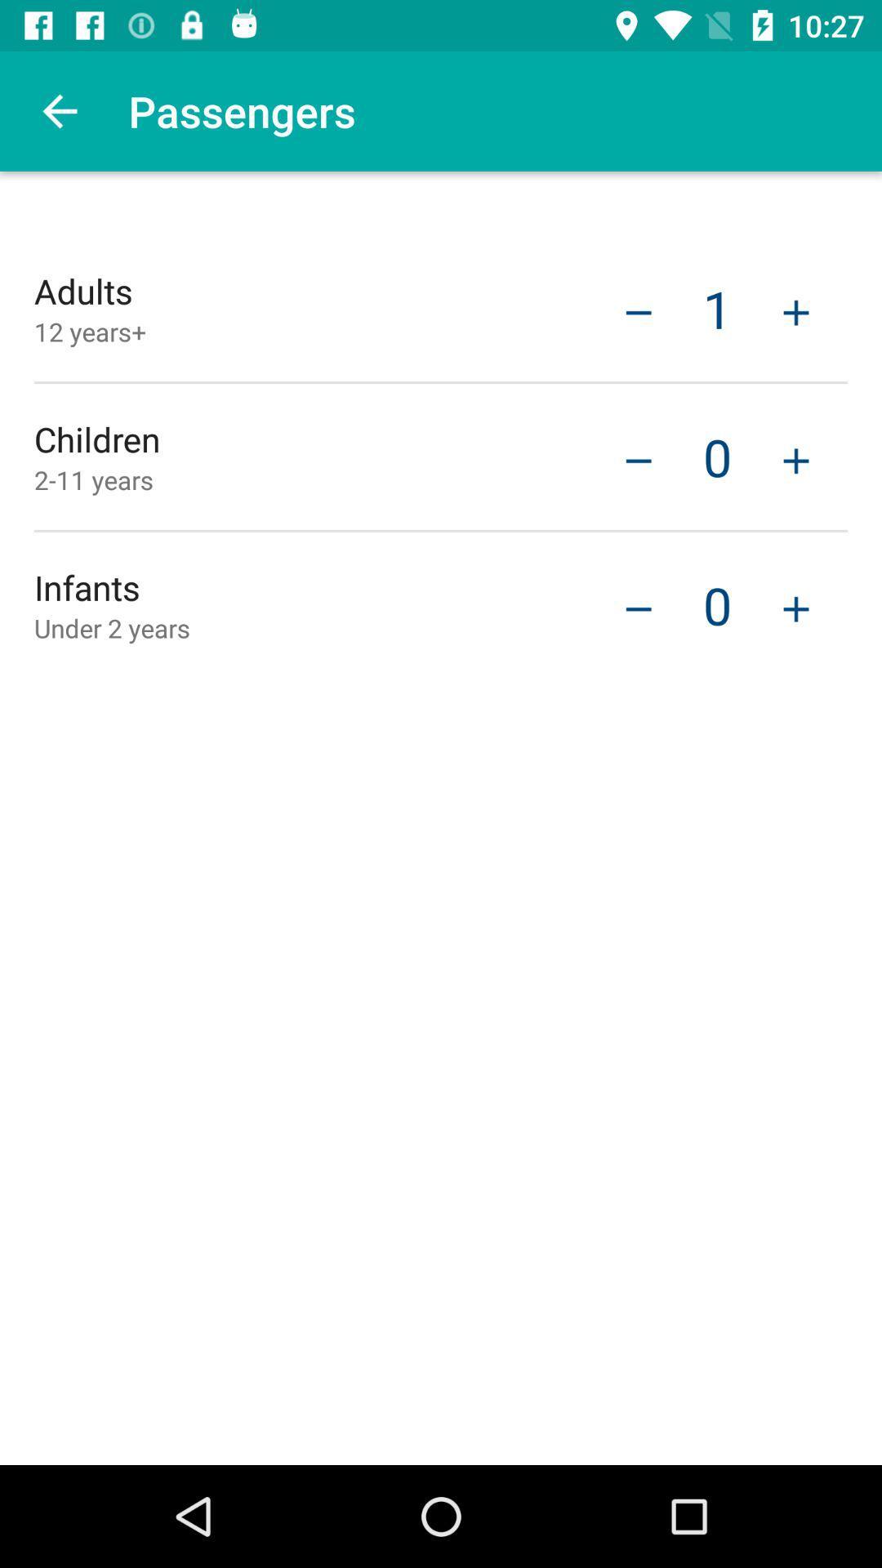  What do you see at coordinates (795, 310) in the screenshot?
I see `adult to total` at bounding box center [795, 310].